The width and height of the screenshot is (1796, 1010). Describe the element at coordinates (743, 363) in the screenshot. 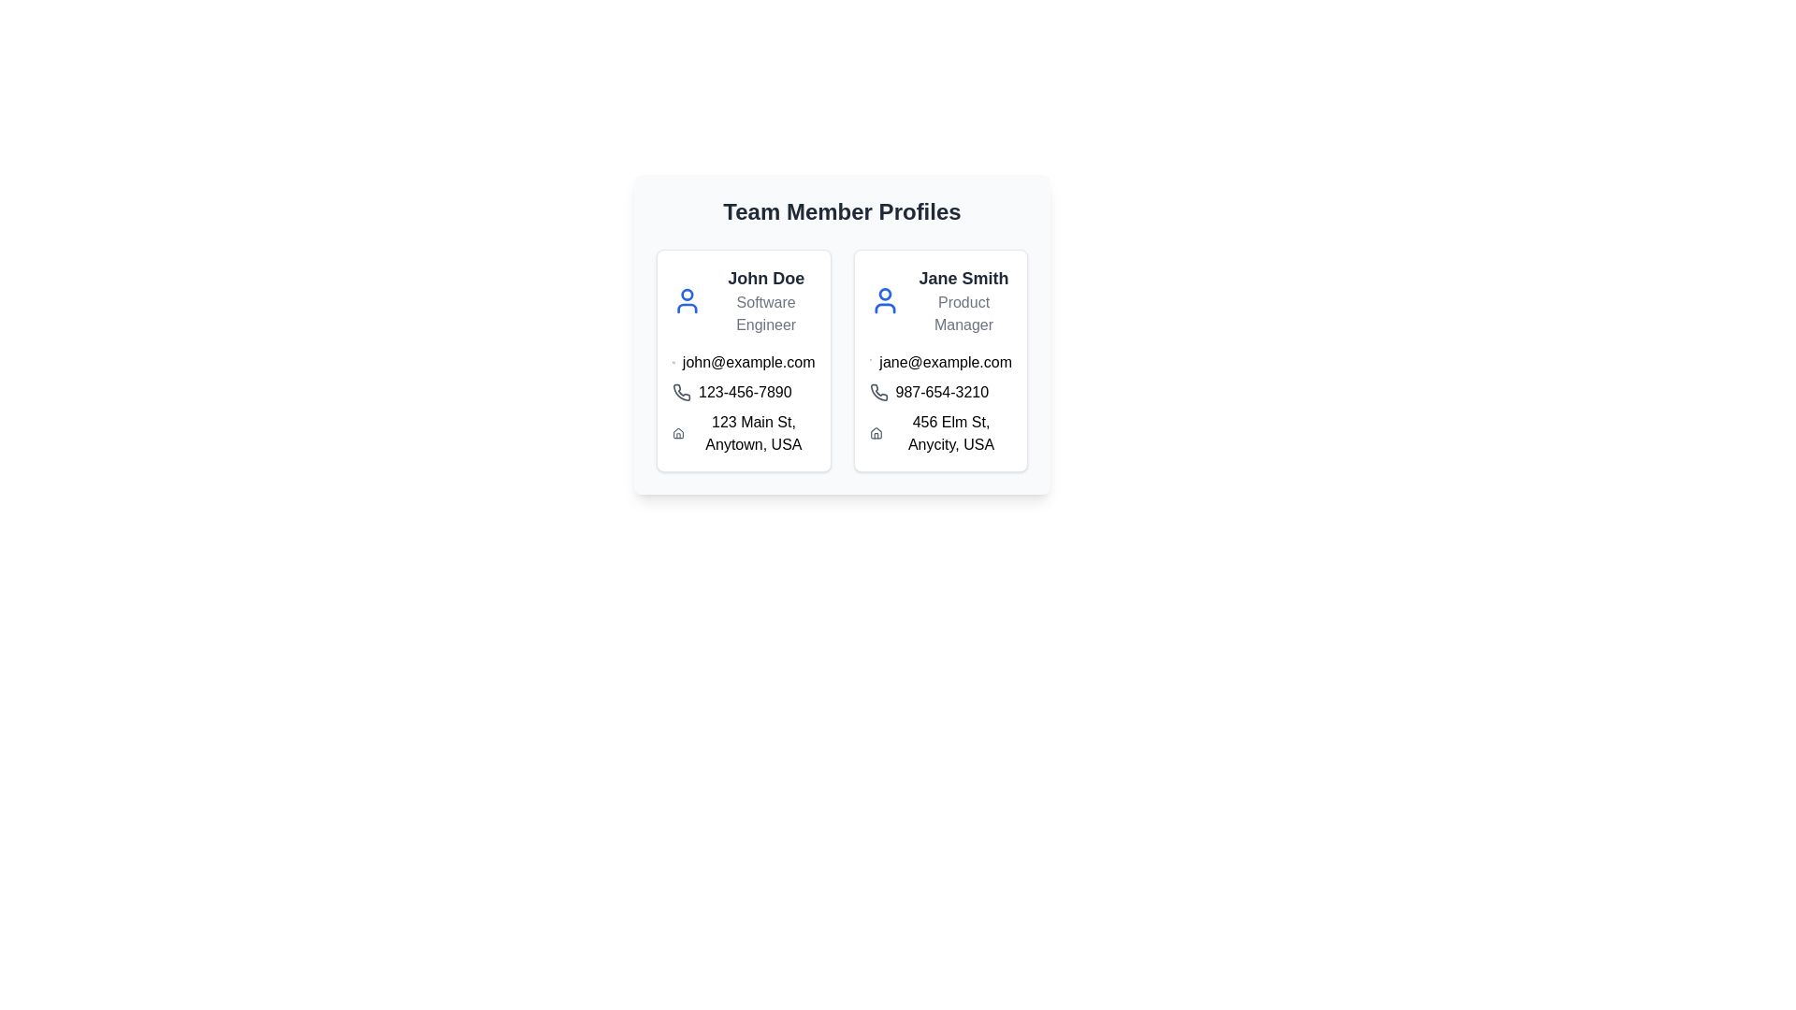

I see `the text label displaying 'john@example.com'` at that location.